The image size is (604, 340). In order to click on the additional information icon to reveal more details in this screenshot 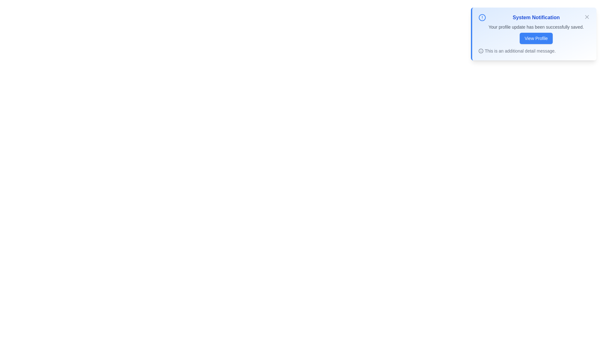, I will do `click(480, 51)`.